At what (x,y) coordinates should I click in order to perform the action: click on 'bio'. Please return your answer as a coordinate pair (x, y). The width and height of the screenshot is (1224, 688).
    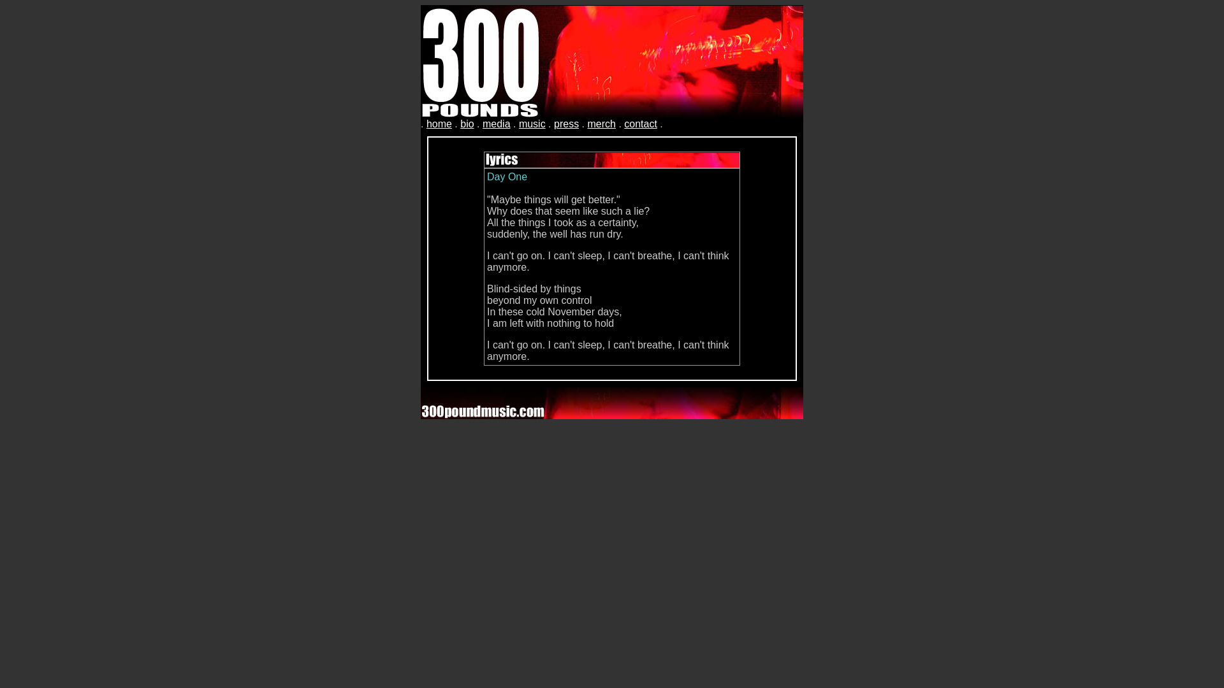
    Looking at the image, I should click on (466, 124).